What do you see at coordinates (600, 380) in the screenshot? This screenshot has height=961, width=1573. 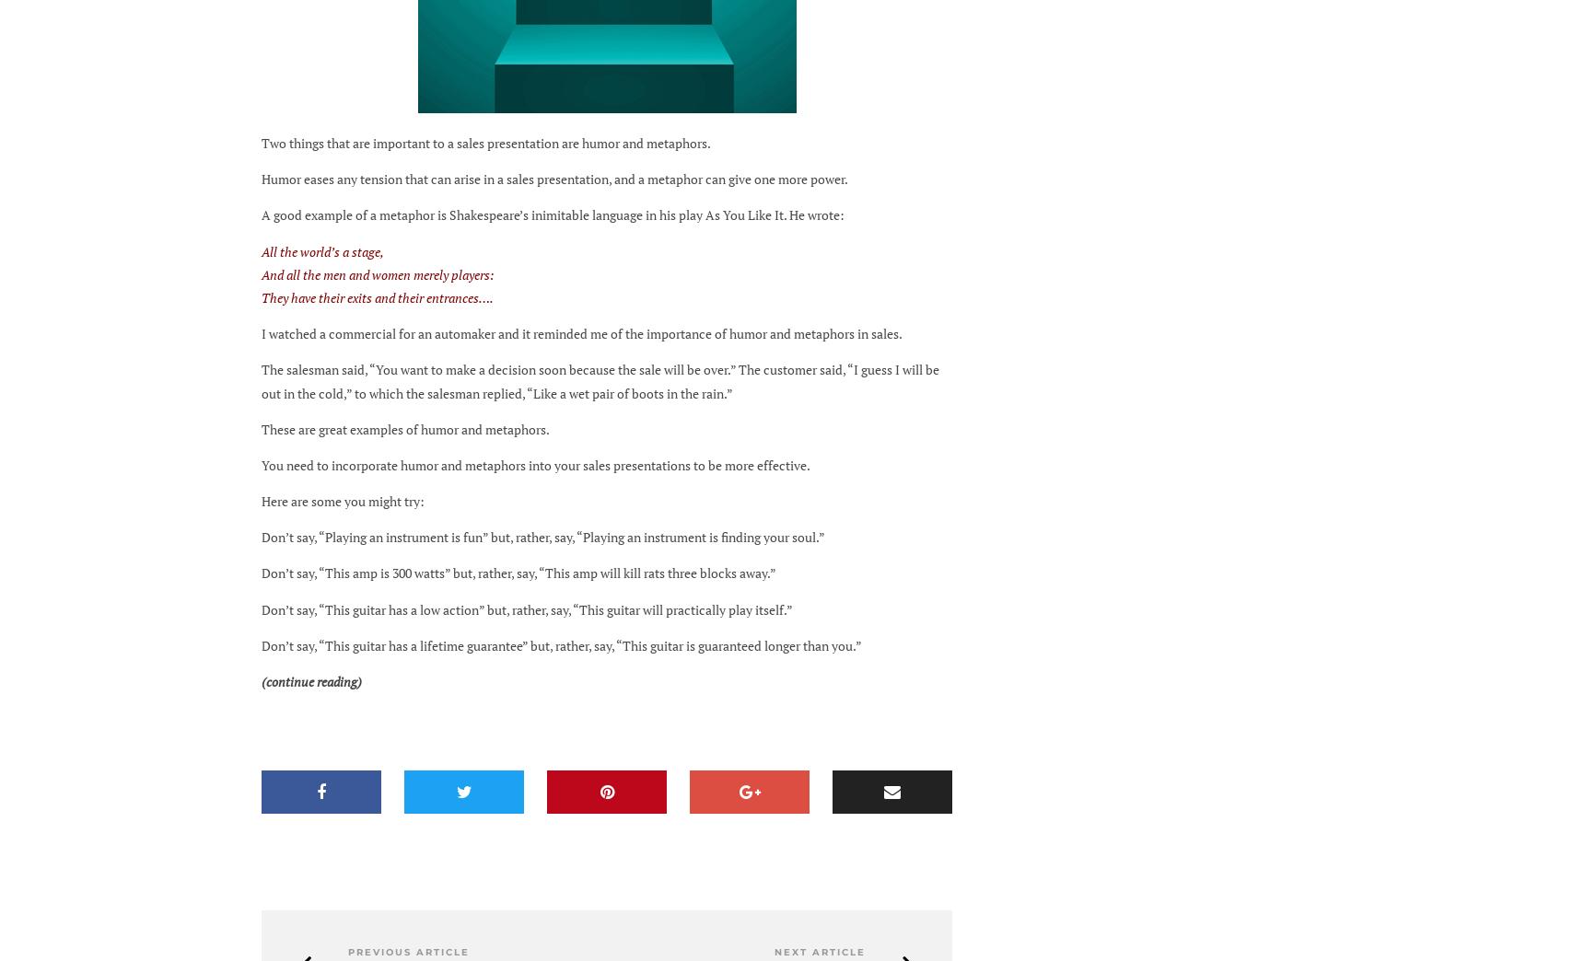 I see `'The salesman said, “You want to make a decision soon because the sale will be over.” The customer said, “I guess I will be out in the cold,” to which the salesman replied, “Like a wet pair of boots in the rain.”'` at bounding box center [600, 380].